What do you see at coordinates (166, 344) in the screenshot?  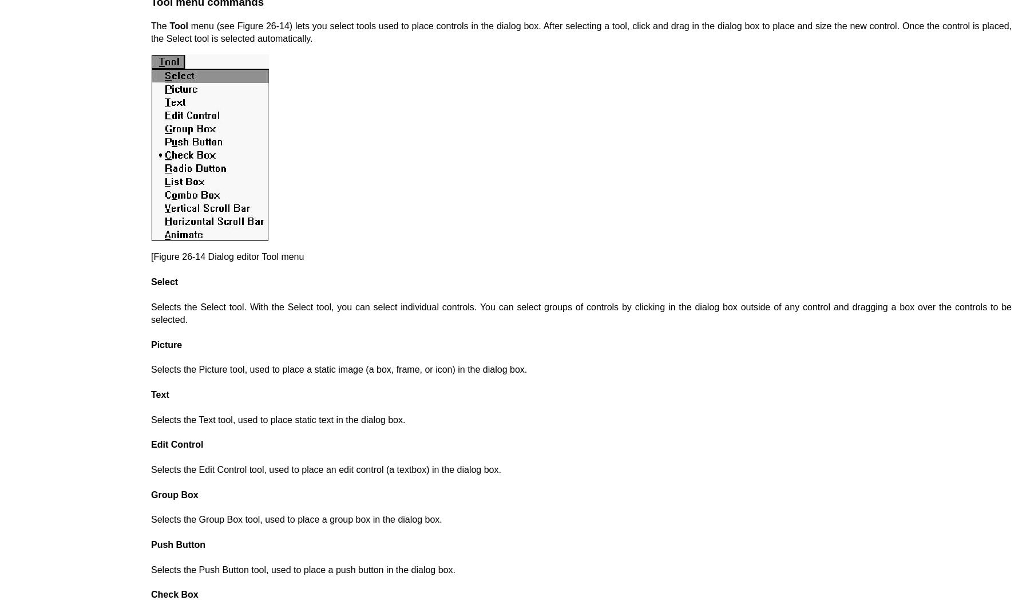 I see `'Picture'` at bounding box center [166, 344].